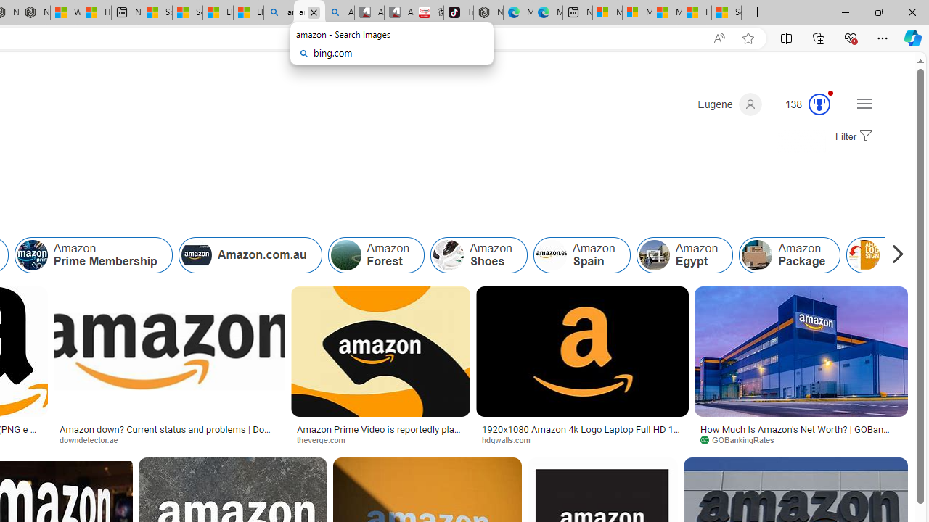  I want to click on 'Amazon Login', so click(864, 254).